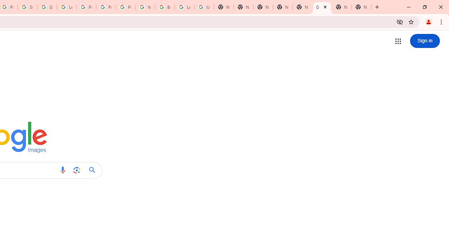 The height and width of the screenshot is (252, 449). Describe the element at coordinates (145, 7) in the screenshot. I see `'YouTube'` at that location.